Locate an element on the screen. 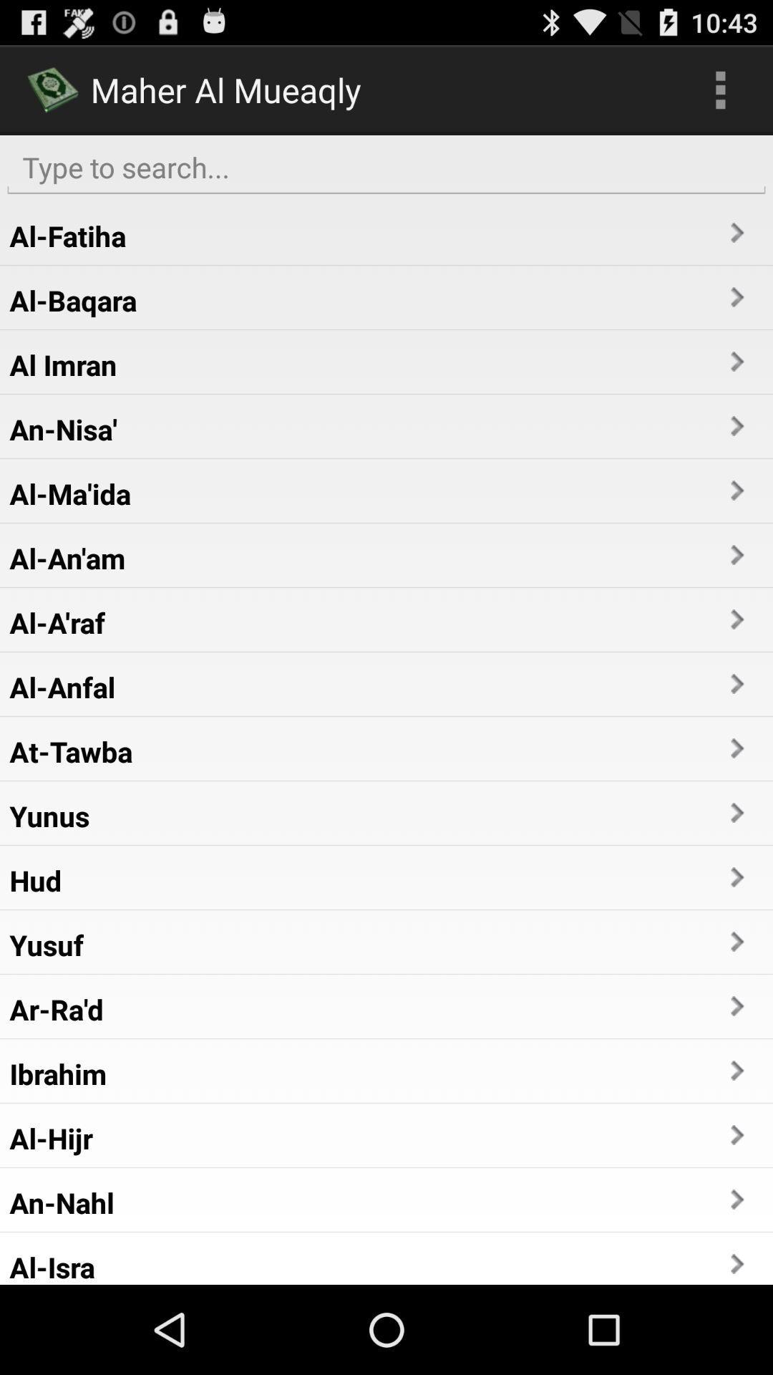 The image size is (773, 1375). item above al imran app is located at coordinates (73, 299).